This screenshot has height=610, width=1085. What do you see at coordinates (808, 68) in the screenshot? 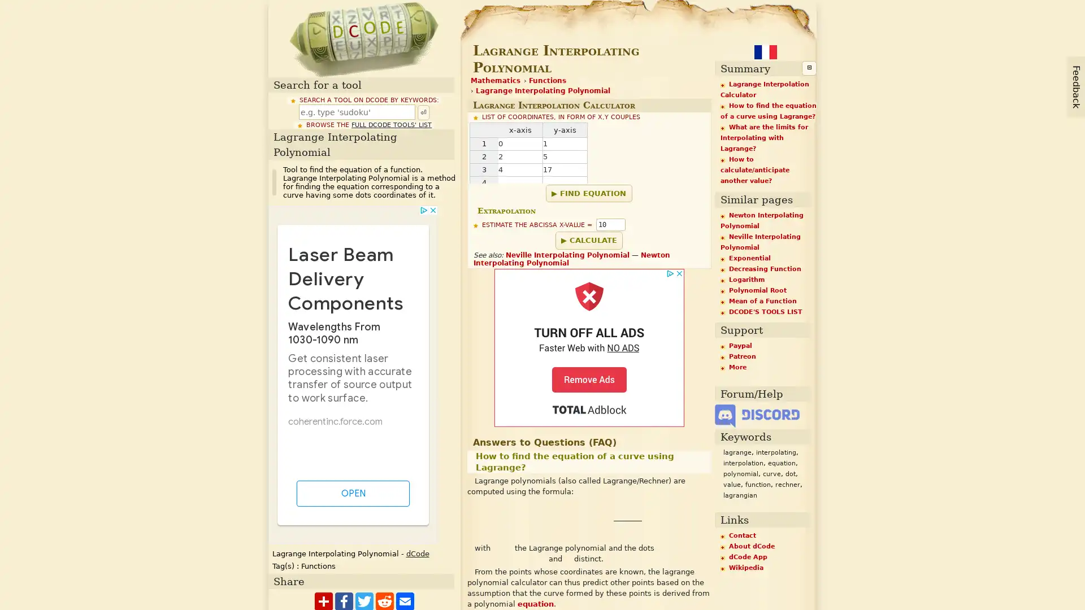
I see `hide_right_part` at bounding box center [808, 68].